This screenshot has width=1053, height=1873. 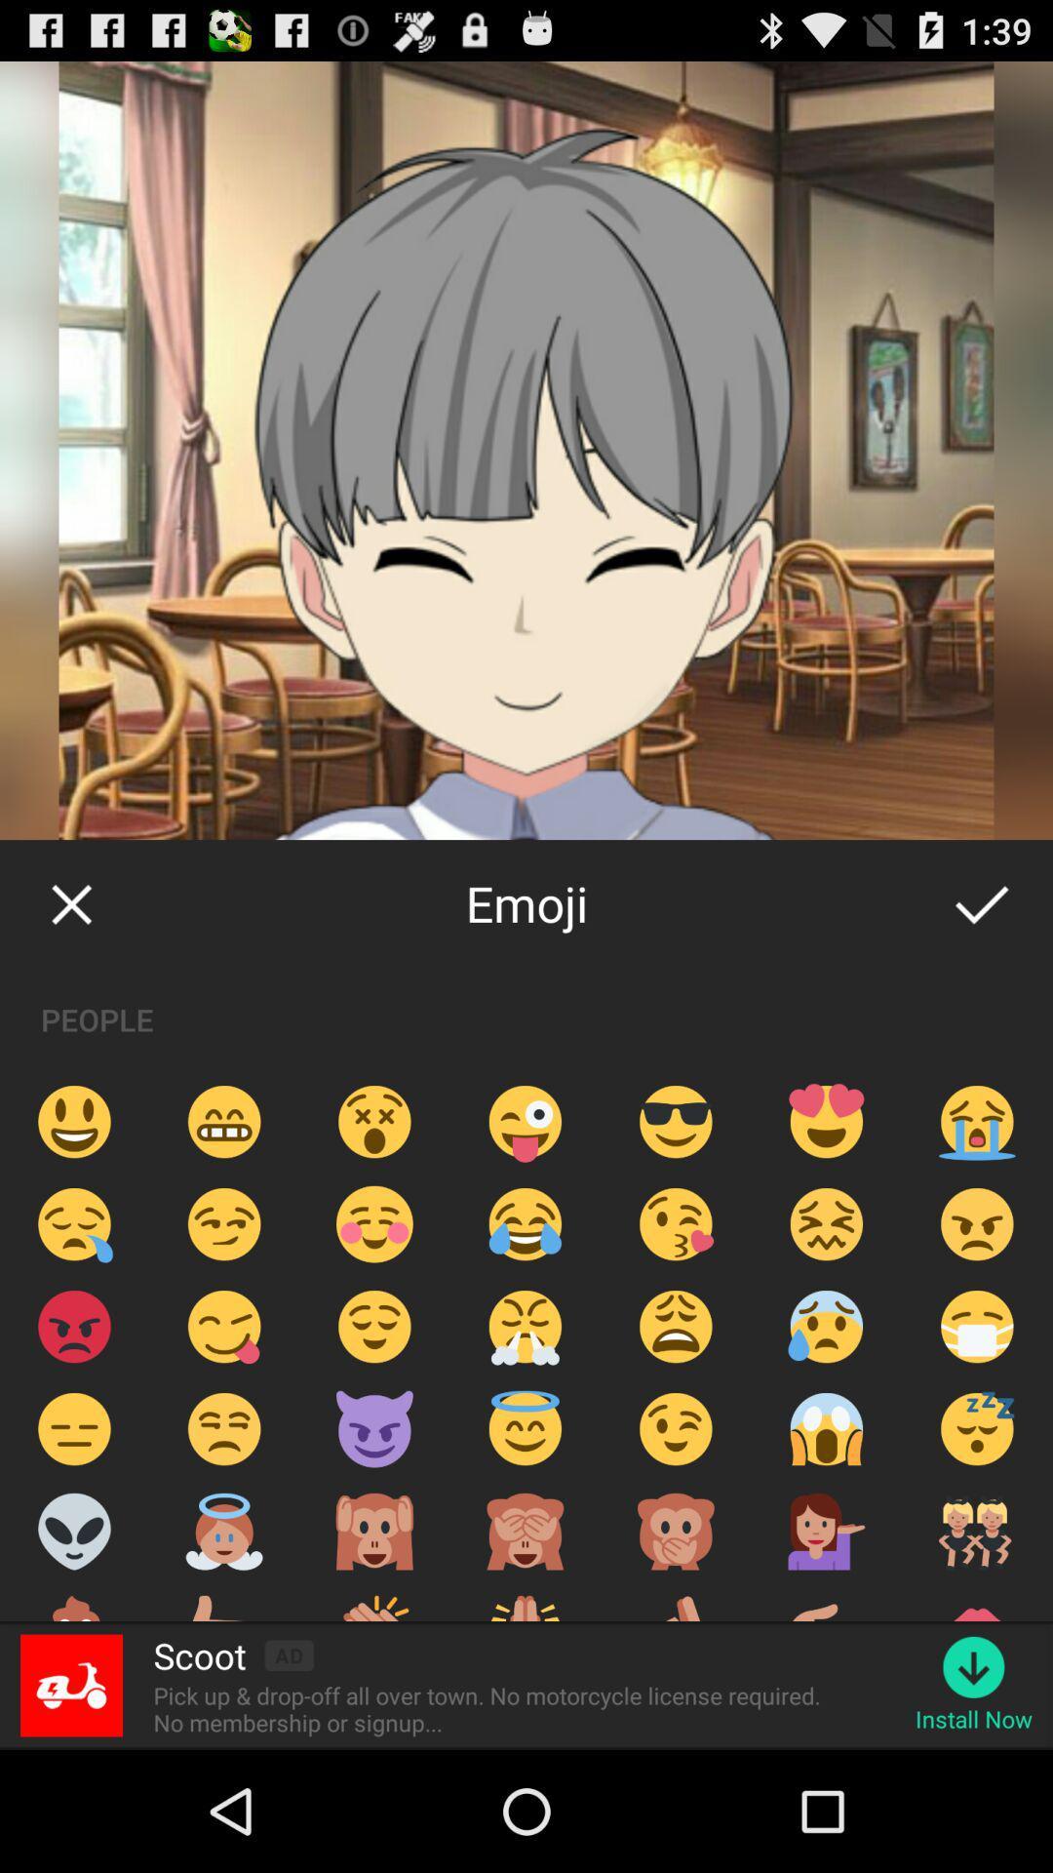 I want to click on the app to the right of pick up drop, so click(x=974, y=1719).